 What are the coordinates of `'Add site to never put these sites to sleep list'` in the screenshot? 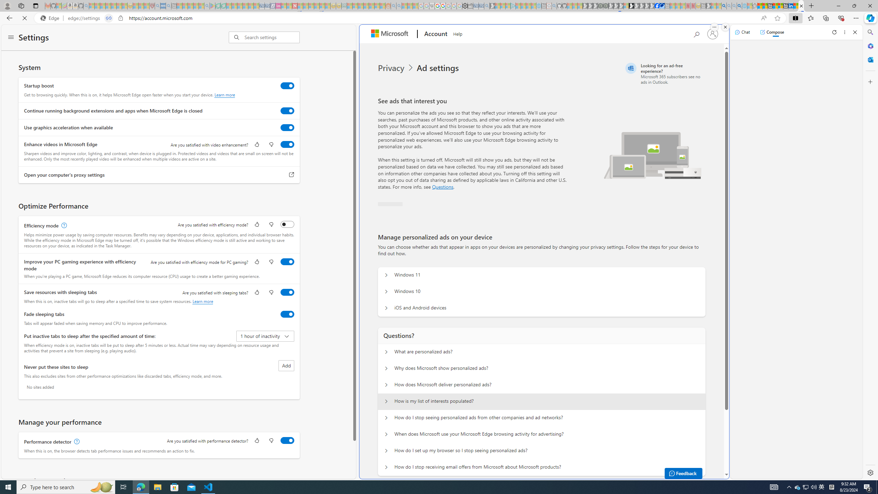 It's located at (286, 365).